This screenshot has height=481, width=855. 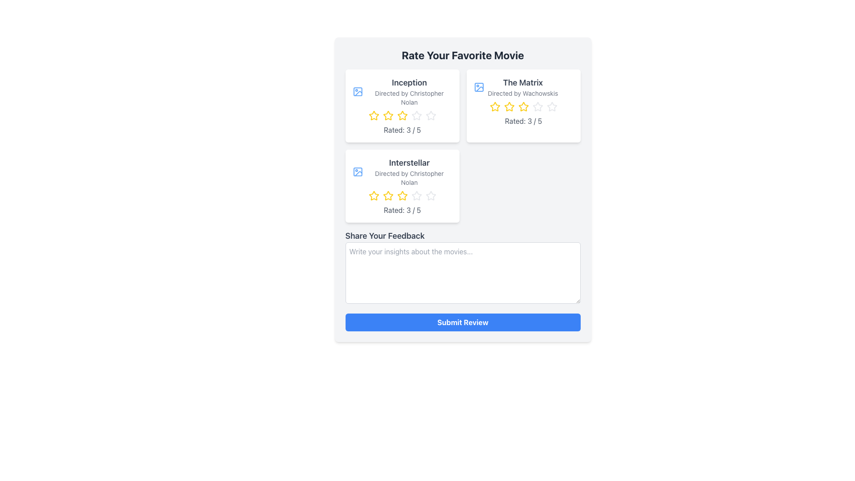 I want to click on the second yellow star in the rating system for the movie 'Inception' to rate it, so click(x=388, y=115).